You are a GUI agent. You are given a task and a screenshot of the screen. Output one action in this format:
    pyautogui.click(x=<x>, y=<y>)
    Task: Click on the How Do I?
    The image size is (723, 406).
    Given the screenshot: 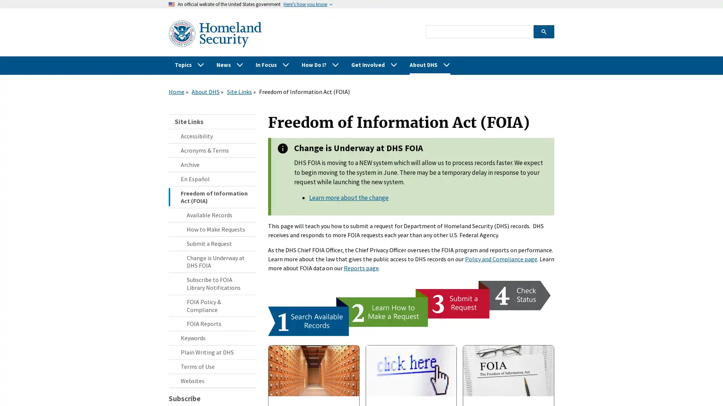 What is the action you would take?
    pyautogui.click(x=320, y=64)
    